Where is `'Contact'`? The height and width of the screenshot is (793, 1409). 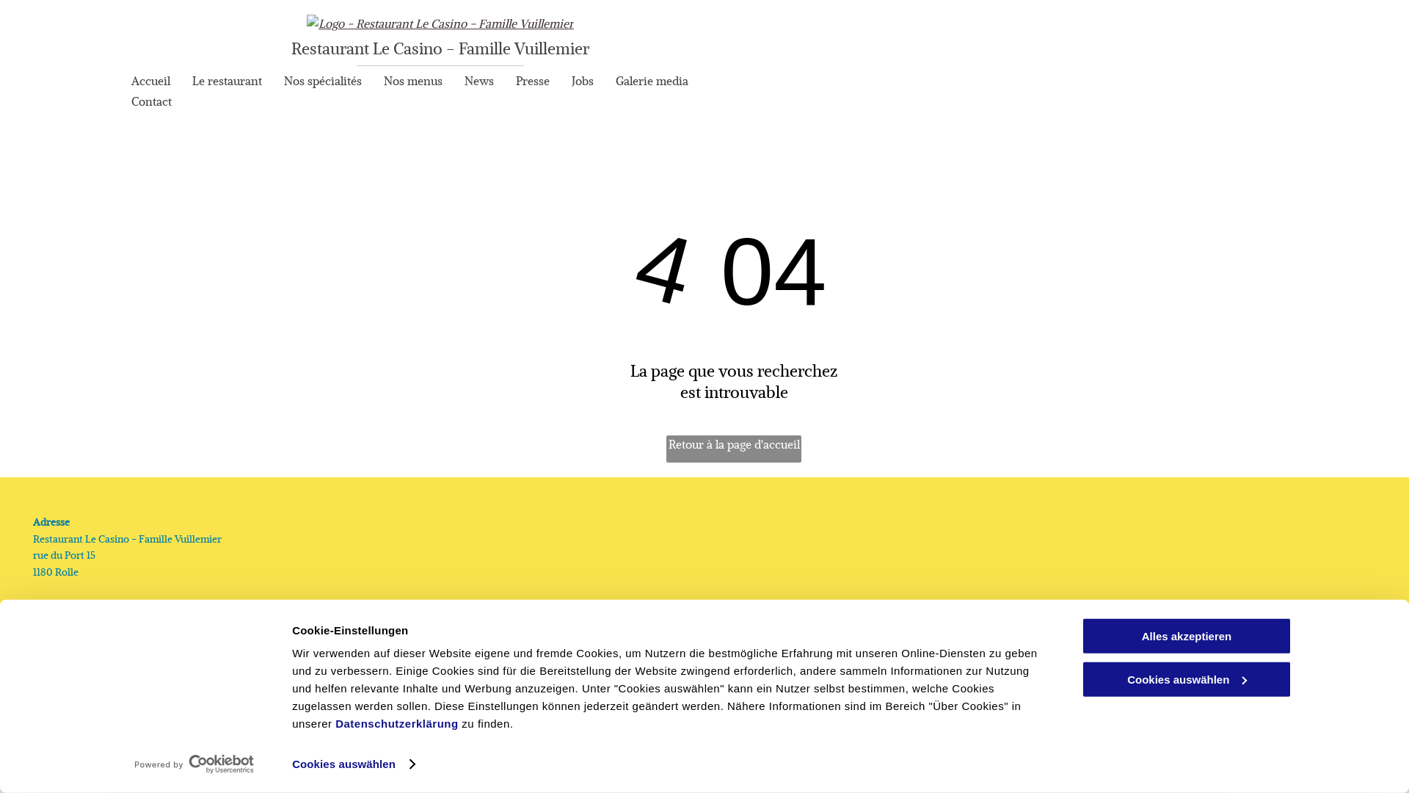
'Contact' is located at coordinates (120, 101).